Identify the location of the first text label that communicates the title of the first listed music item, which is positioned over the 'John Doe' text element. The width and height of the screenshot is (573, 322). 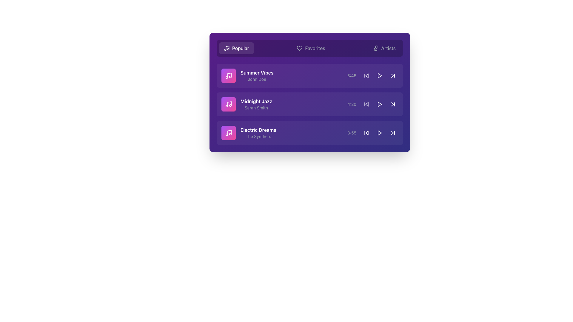
(257, 72).